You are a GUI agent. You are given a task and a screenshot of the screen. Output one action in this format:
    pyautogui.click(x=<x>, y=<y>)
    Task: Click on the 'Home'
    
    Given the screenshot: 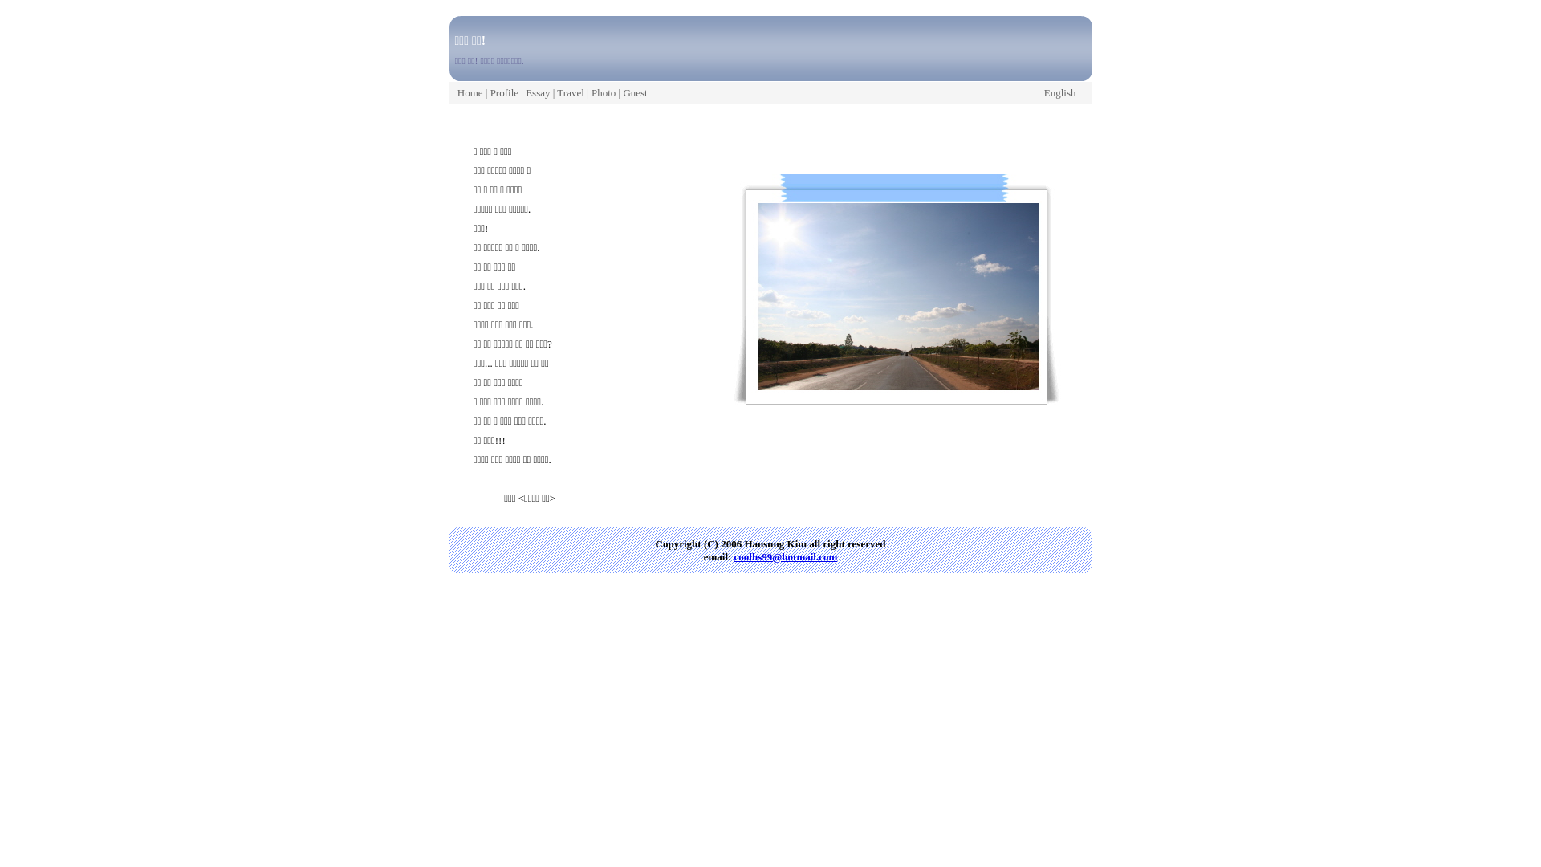 What is the action you would take?
    pyautogui.click(x=469, y=92)
    